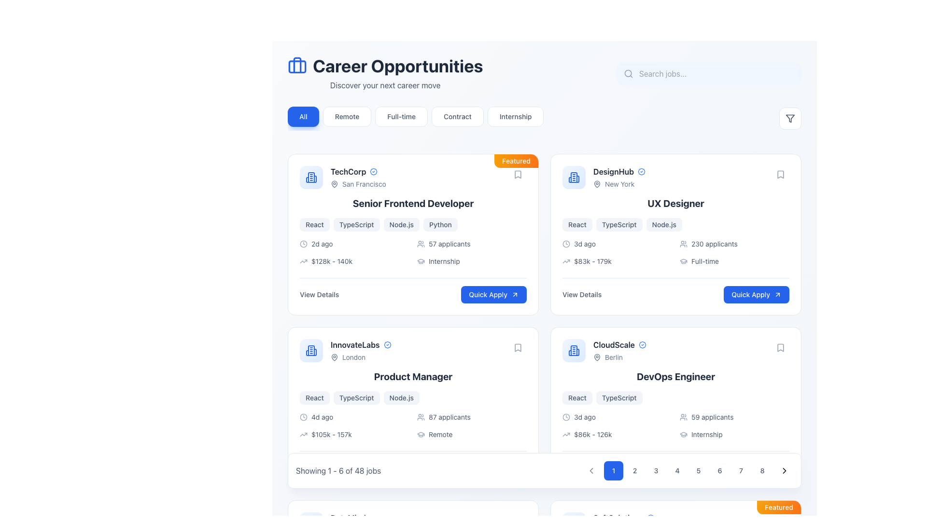  What do you see at coordinates (303, 116) in the screenshot?
I see `the rectangular button labeled 'All' with a blue background and white text` at bounding box center [303, 116].